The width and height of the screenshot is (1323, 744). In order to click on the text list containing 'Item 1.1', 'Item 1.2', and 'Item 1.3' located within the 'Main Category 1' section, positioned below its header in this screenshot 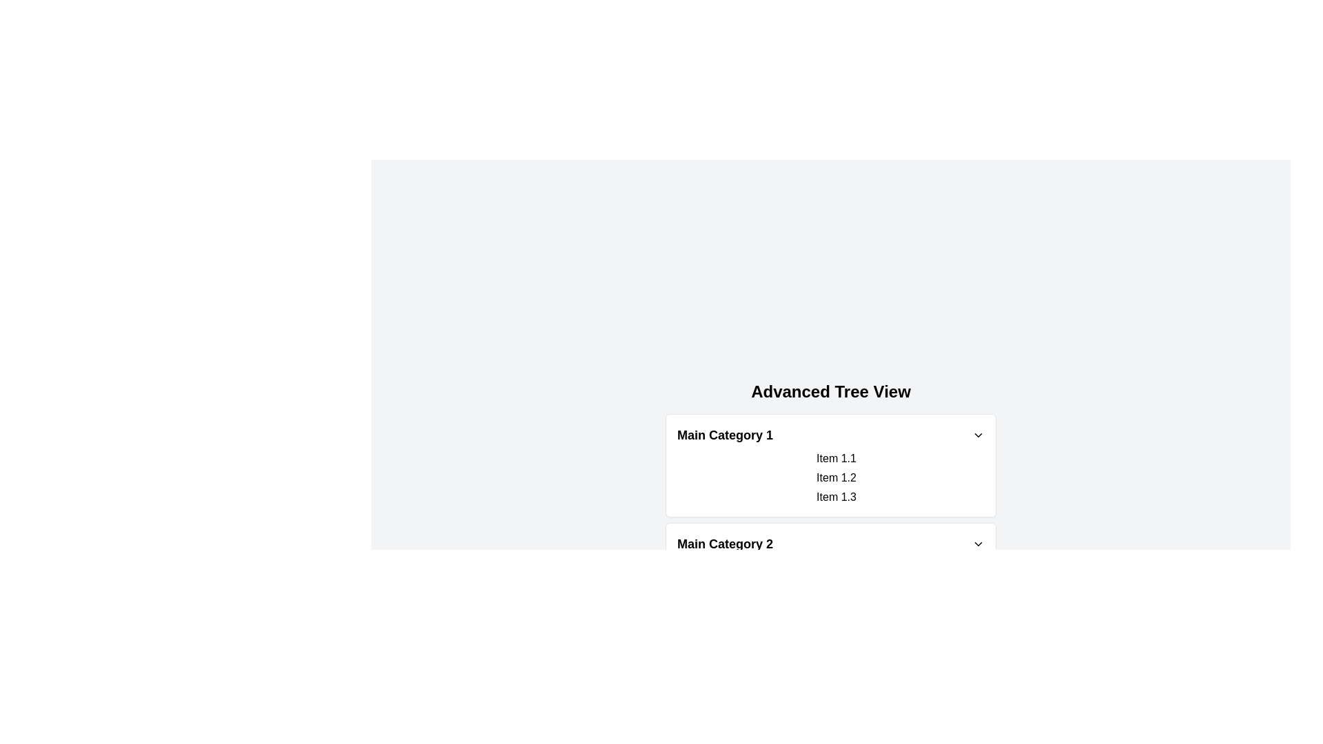, I will do `click(830, 477)`.